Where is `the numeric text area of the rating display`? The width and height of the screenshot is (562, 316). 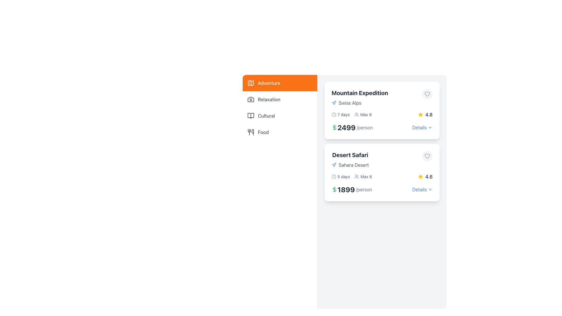 the numeric text area of the rating display is located at coordinates (425, 115).